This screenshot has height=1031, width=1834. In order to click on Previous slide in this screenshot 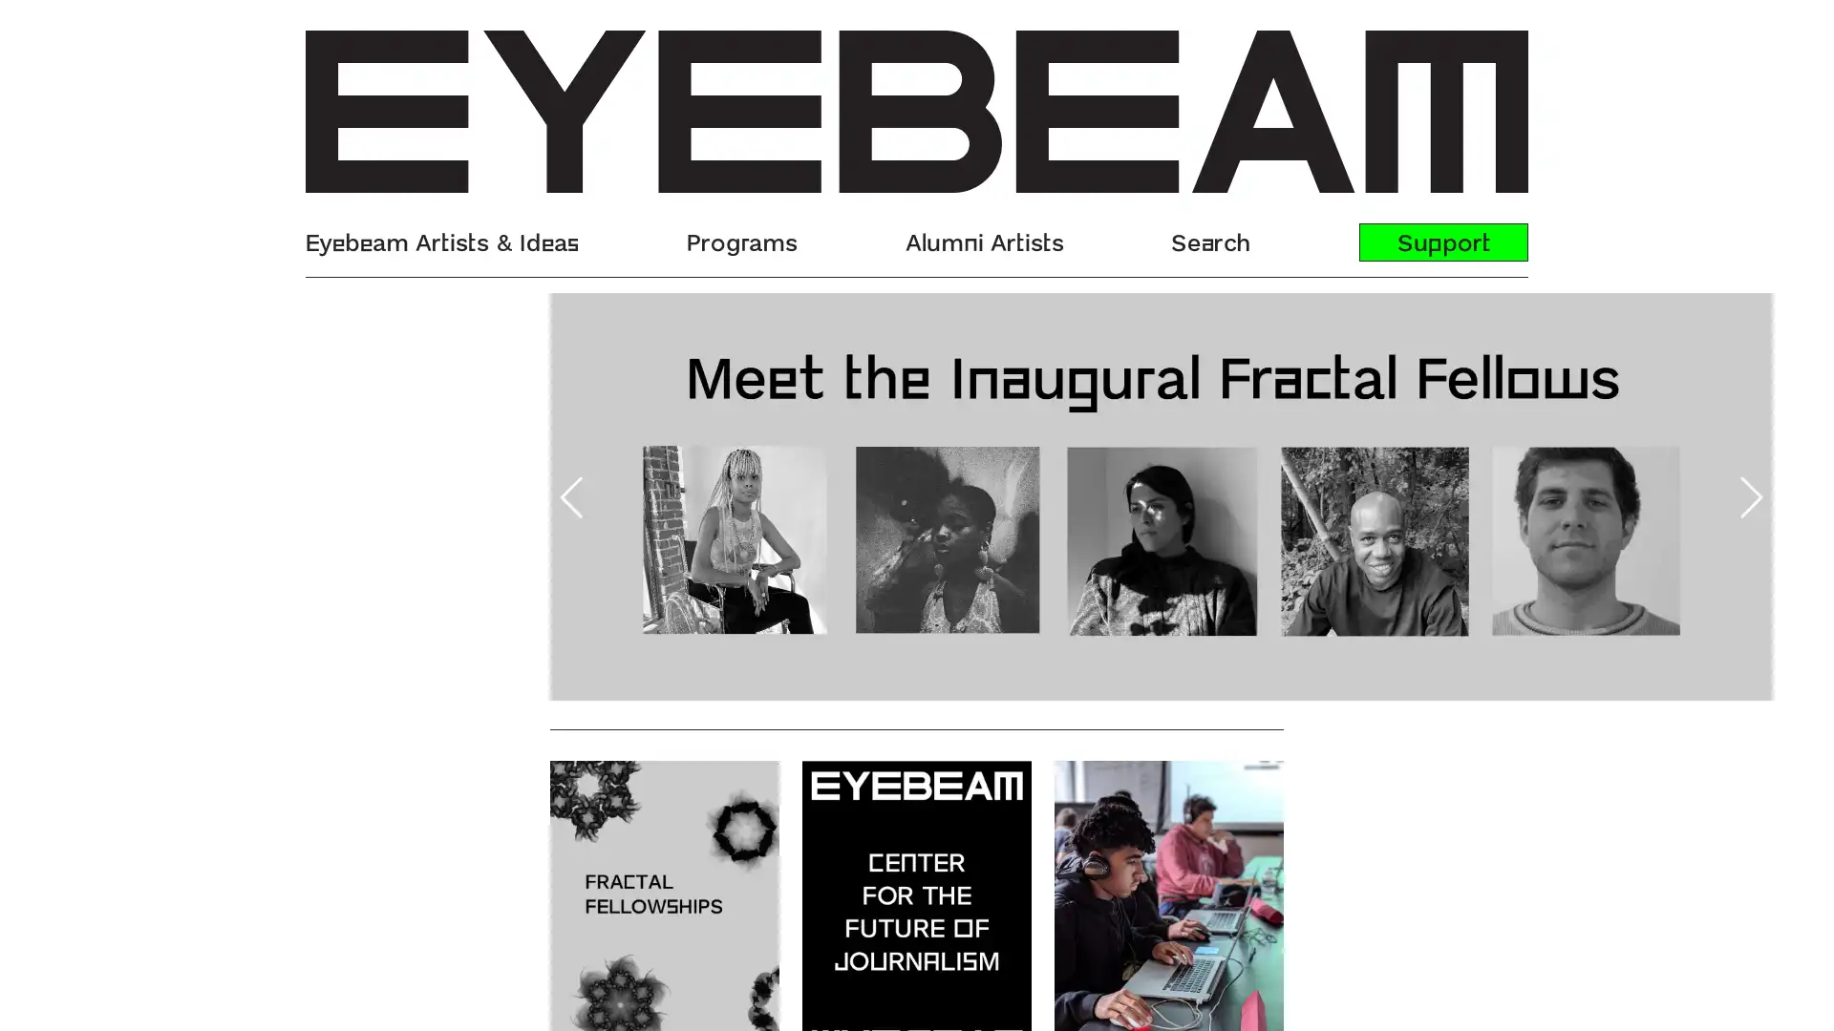, I will do `click(328, 495)`.